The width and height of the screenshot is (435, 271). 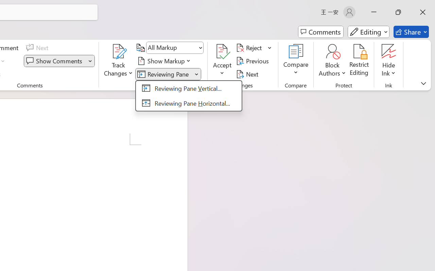 What do you see at coordinates (164, 74) in the screenshot?
I see `'Reviewing Pane'` at bounding box center [164, 74].